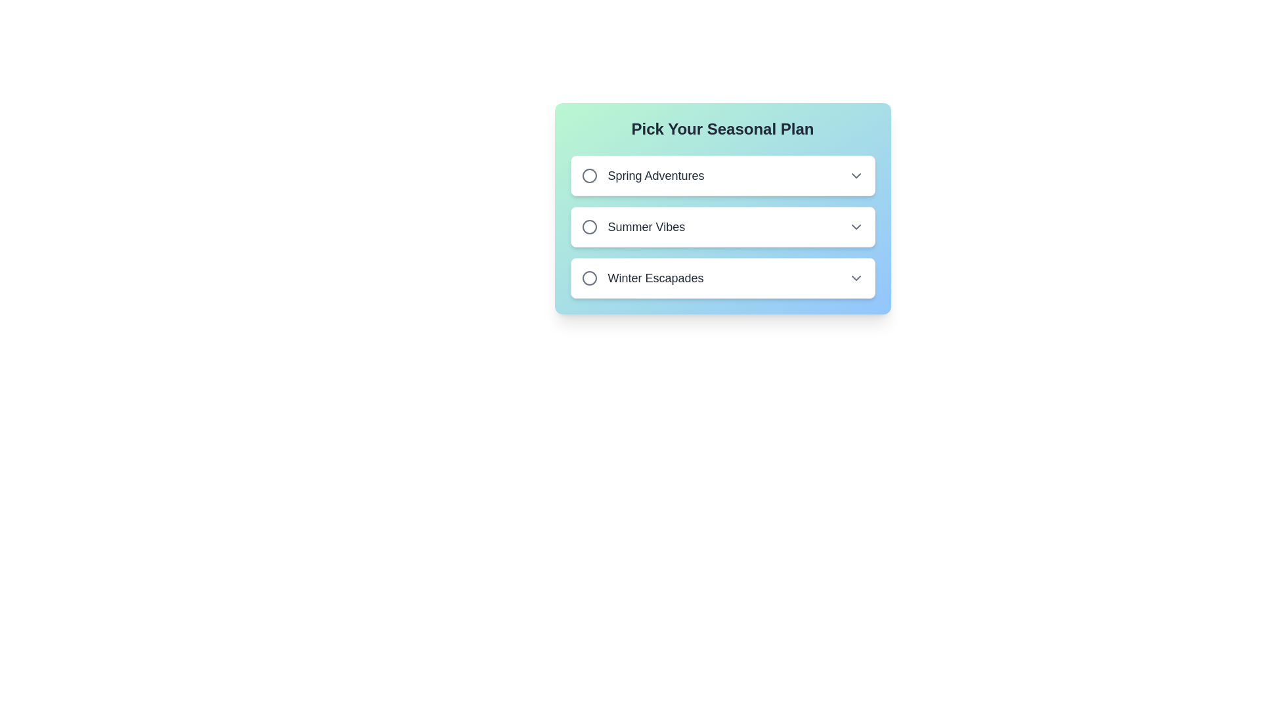 The width and height of the screenshot is (1261, 709). Describe the element at coordinates (722, 175) in the screenshot. I see `the first selectable option styled as a button displaying 'Spring Adventures'` at that location.